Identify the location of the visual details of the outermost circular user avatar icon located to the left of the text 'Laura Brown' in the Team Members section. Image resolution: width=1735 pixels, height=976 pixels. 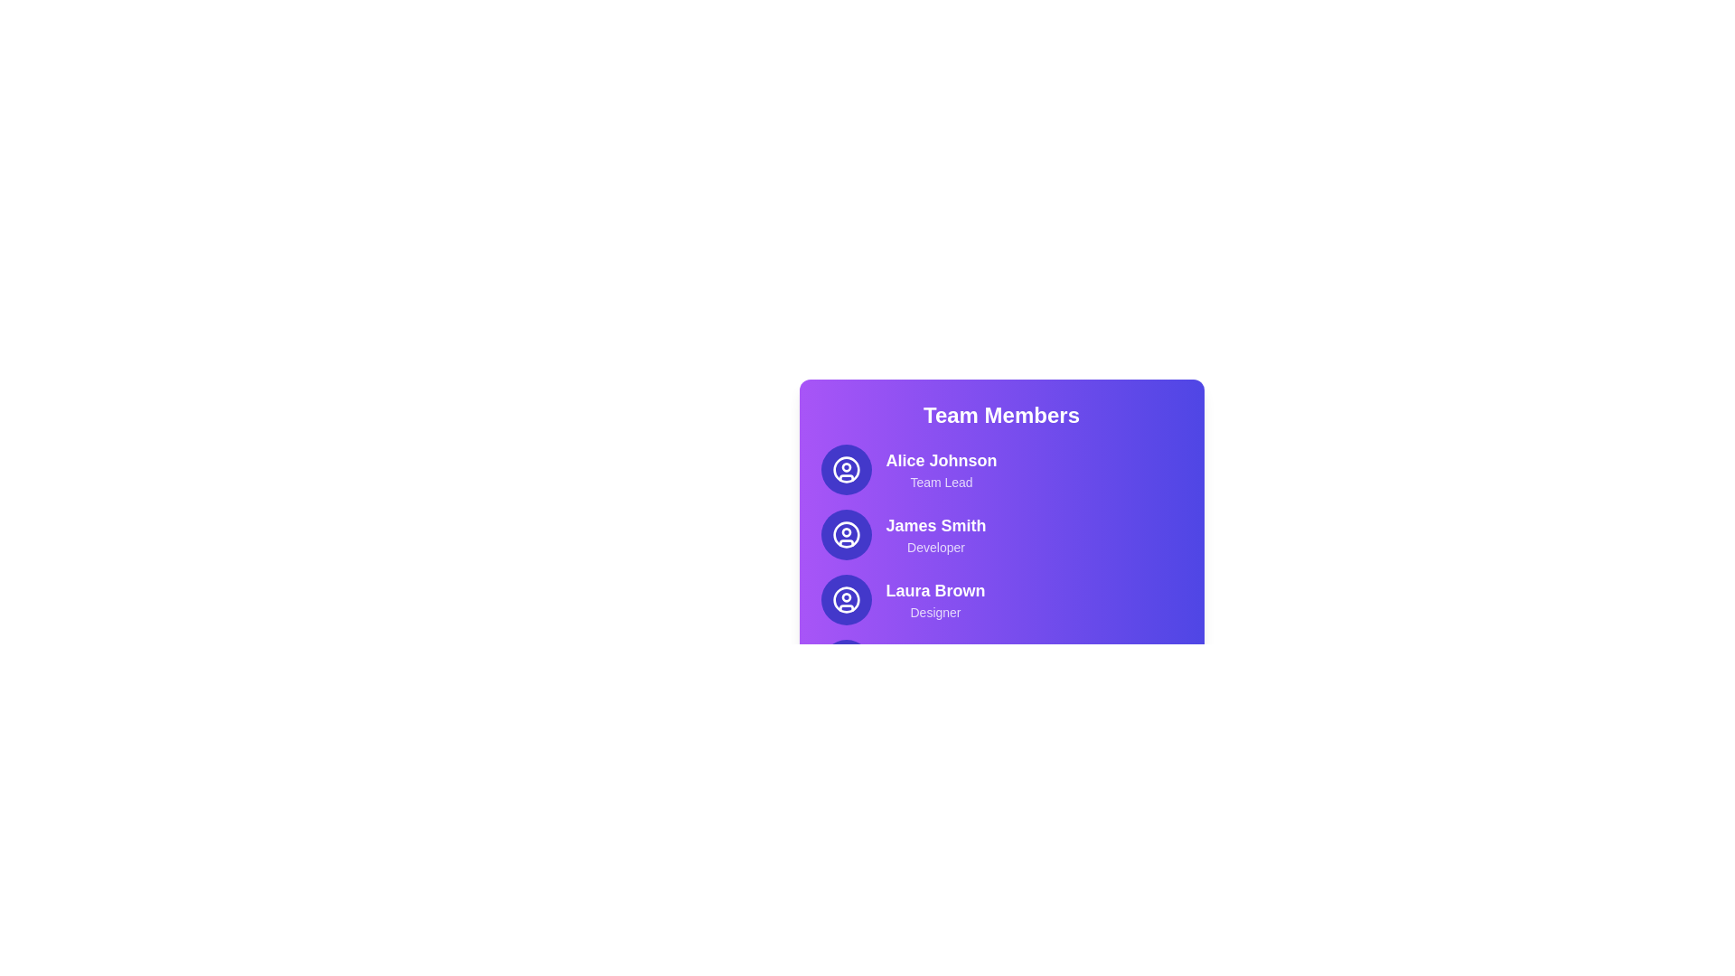
(845, 599).